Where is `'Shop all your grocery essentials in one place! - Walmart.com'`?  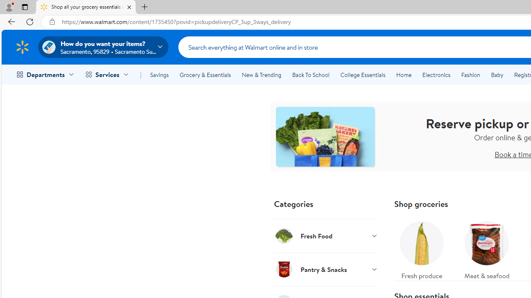
'Shop all your grocery essentials in one place! - Walmart.com' is located at coordinates (86, 7).